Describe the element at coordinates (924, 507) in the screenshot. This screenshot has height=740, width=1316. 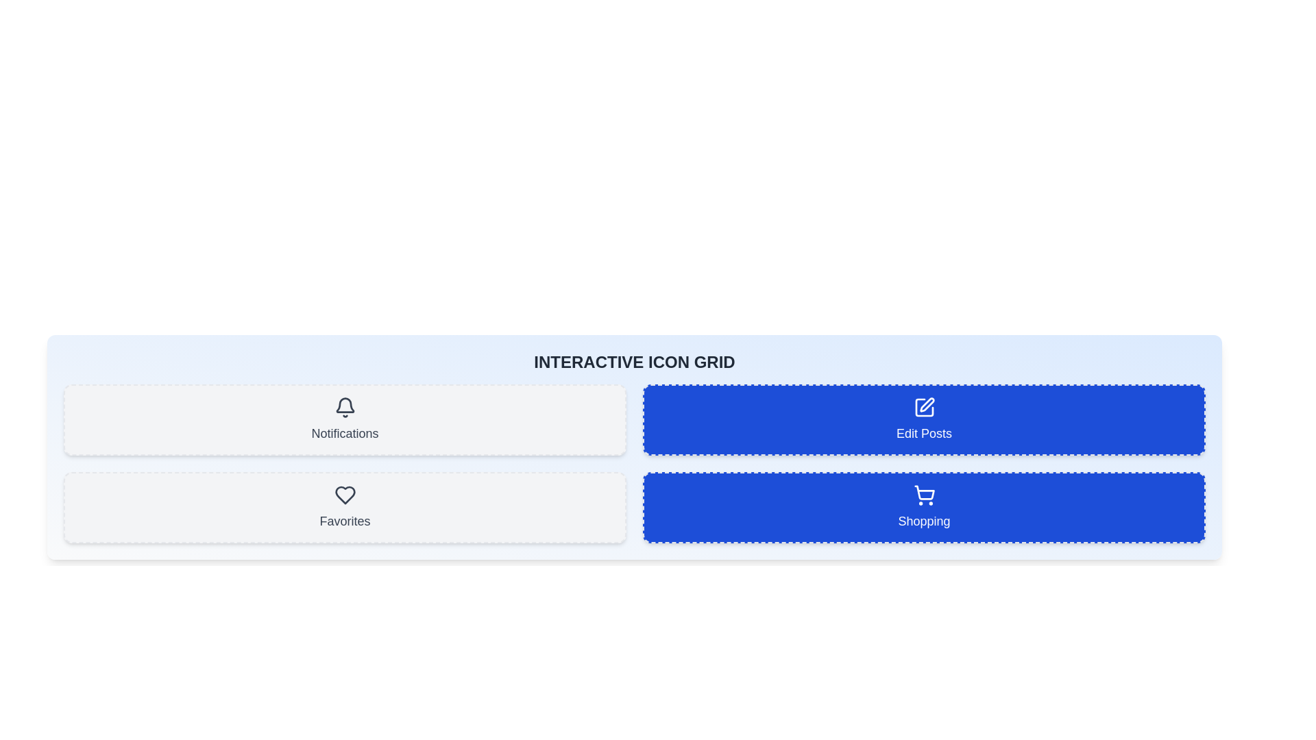
I see `the grid item identified by Shopping` at that location.